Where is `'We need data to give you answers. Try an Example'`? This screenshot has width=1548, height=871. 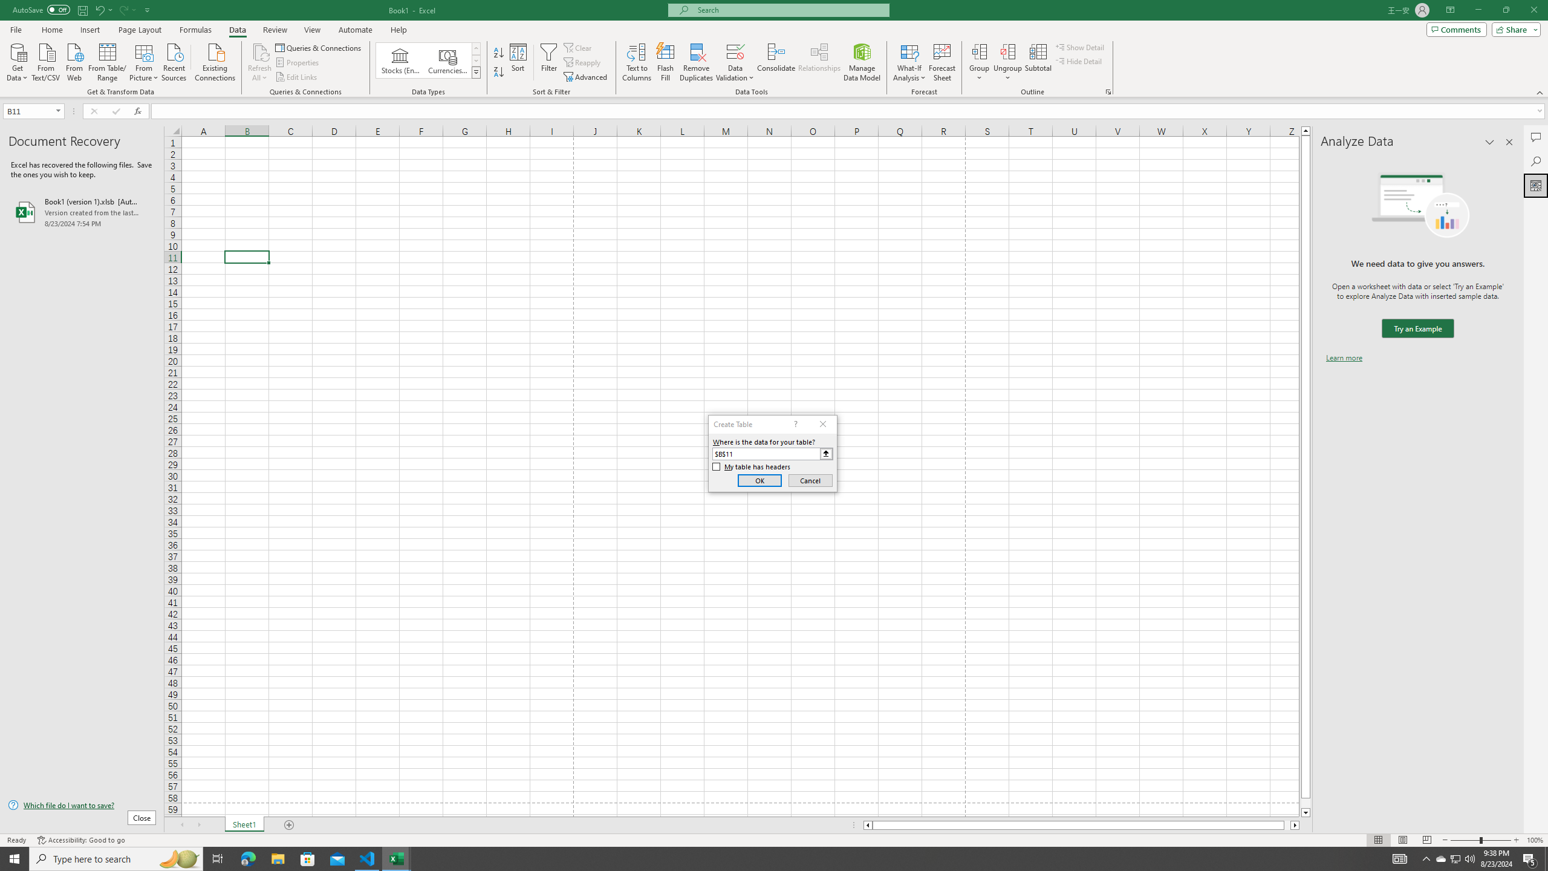
'We need data to give you answers. Try an Example' is located at coordinates (1417, 328).